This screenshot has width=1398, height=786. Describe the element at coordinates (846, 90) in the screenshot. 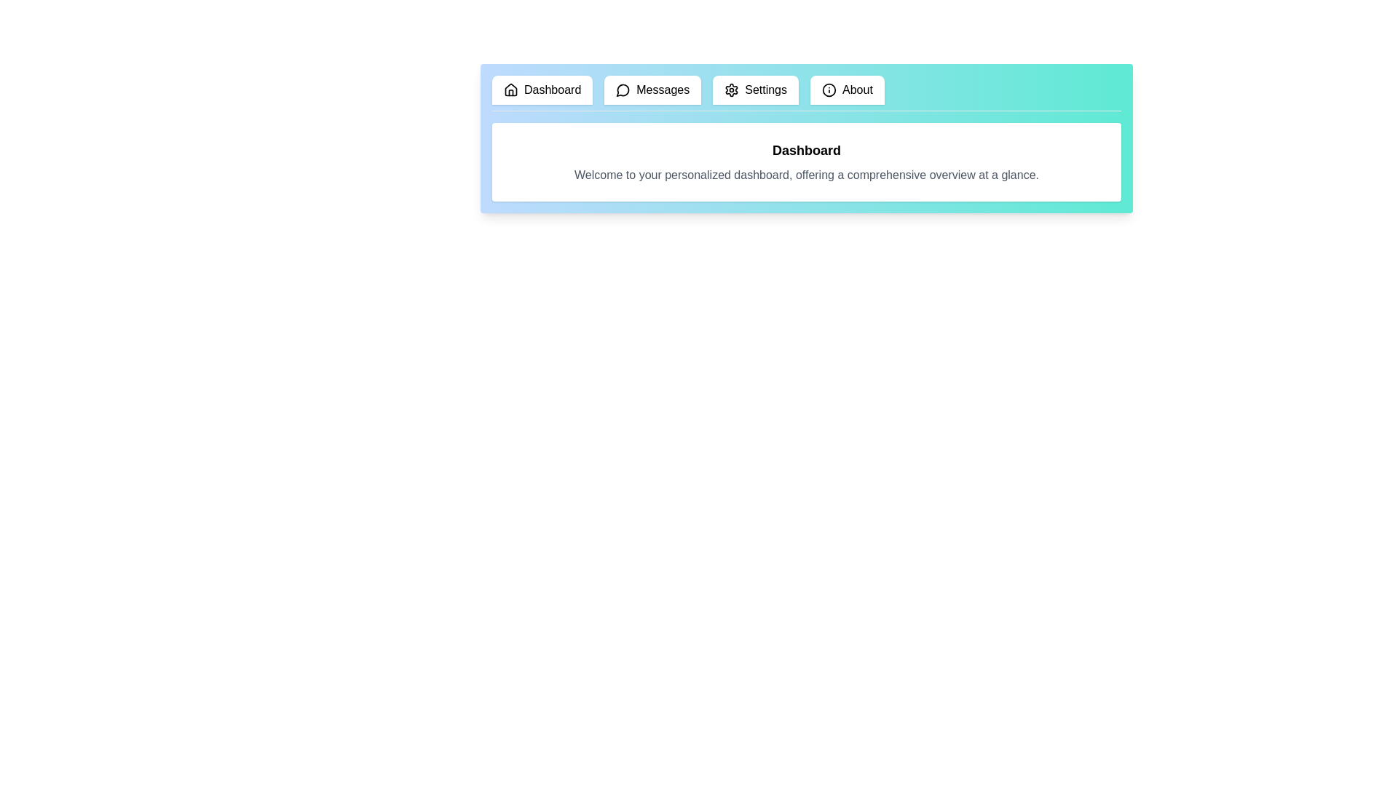

I see `the About tab to view its content` at that location.